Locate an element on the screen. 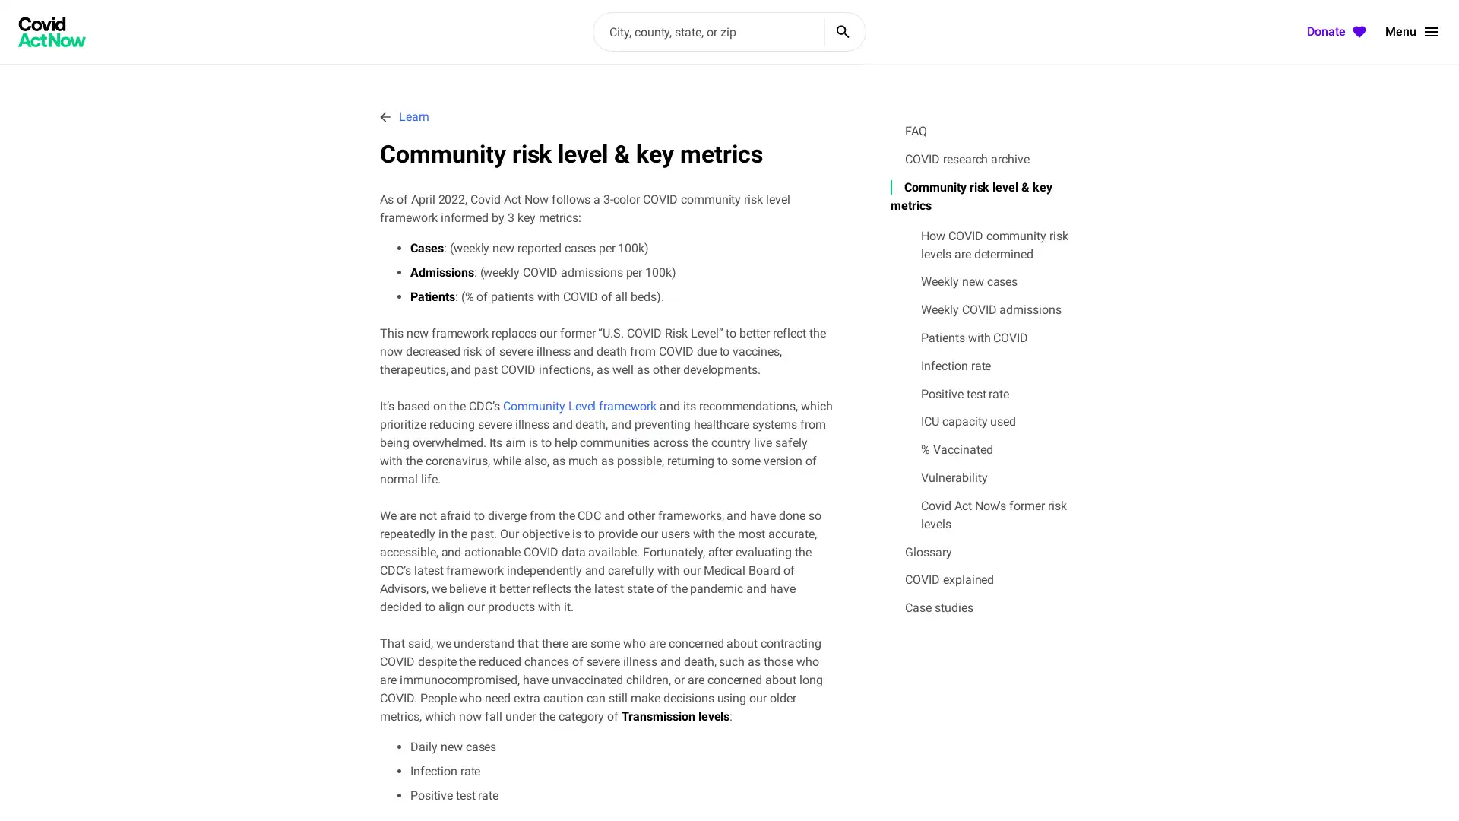 This screenshot has width=1459, height=821. Learn is located at coordinates (404, 116).